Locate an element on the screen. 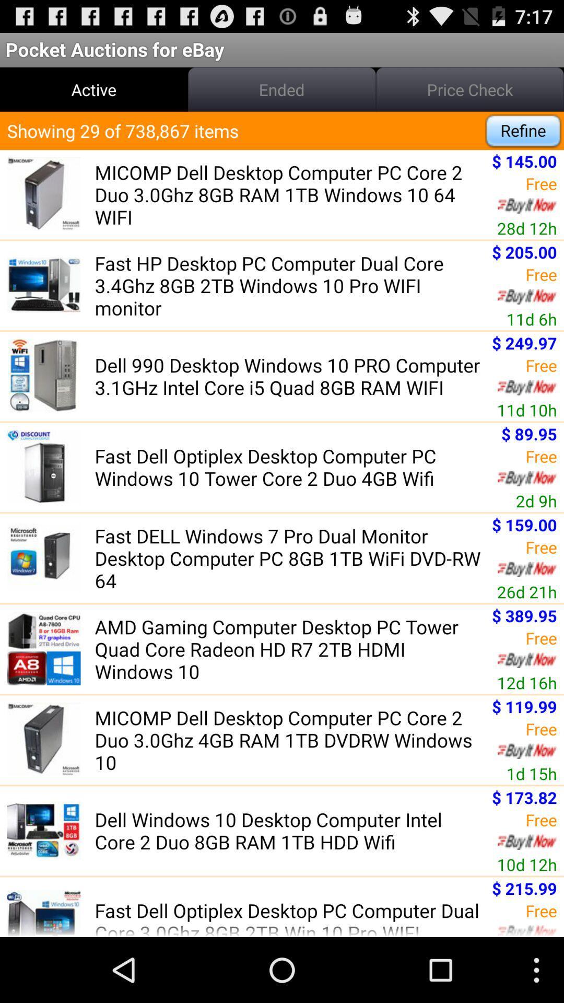  app above $ 173.82 icon is located at coordinates (532, 773).